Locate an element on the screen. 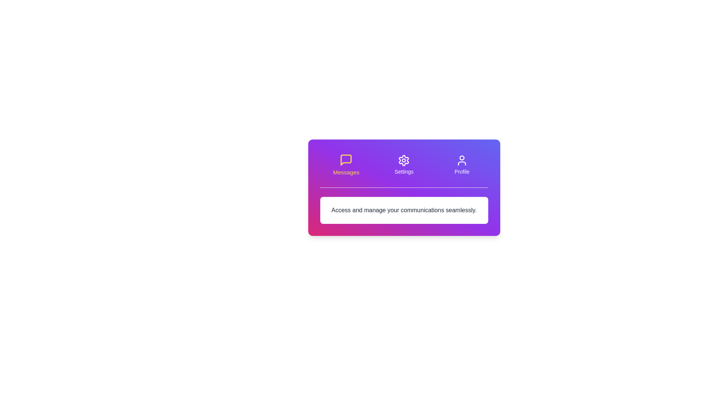  the tab button labeled Profile to switch to the corresponding tab is located at coordinates (462, 164).